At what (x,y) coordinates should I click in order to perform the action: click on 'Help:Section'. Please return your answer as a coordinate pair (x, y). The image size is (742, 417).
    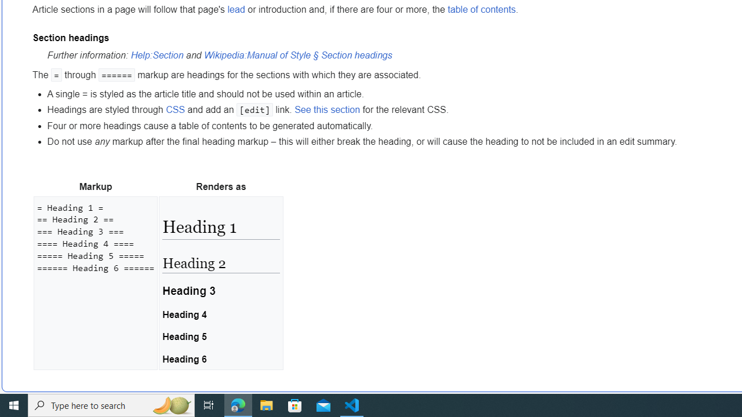
    Looking at the image, I should click on (157, 56).